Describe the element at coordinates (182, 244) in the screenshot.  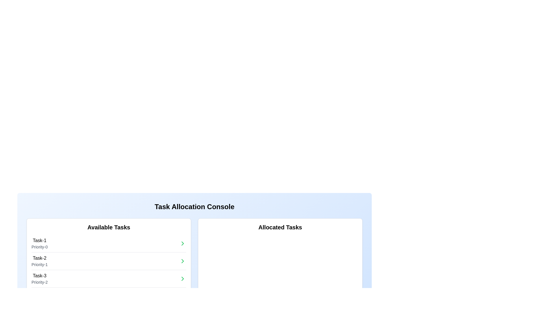
I see `the second Chevron Icon located to the right of the text 'Task-2 Priority-1' in the 'Available Tasks' panel` at that location.